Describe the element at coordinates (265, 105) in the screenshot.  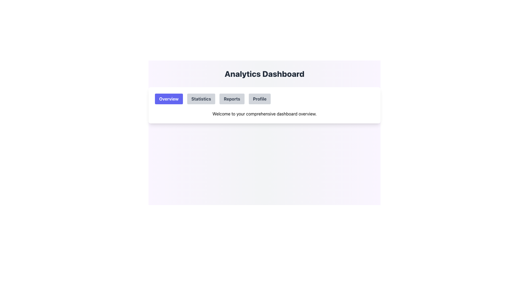
I see `the 'Statistics', 'Reports', or 'Profile' tab in the navigation bar of the card element` at that location.